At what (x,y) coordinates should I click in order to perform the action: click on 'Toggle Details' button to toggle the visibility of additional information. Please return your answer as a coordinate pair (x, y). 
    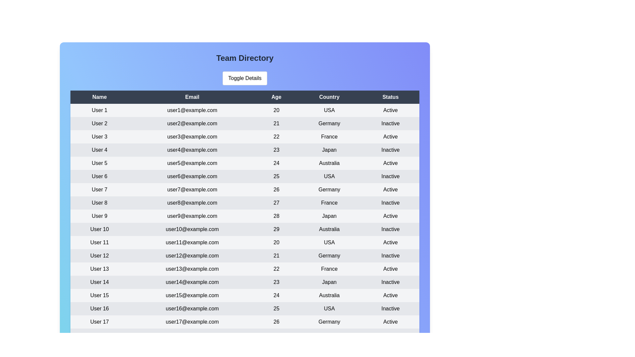
    Looking at the image, I should click on (244, 78).